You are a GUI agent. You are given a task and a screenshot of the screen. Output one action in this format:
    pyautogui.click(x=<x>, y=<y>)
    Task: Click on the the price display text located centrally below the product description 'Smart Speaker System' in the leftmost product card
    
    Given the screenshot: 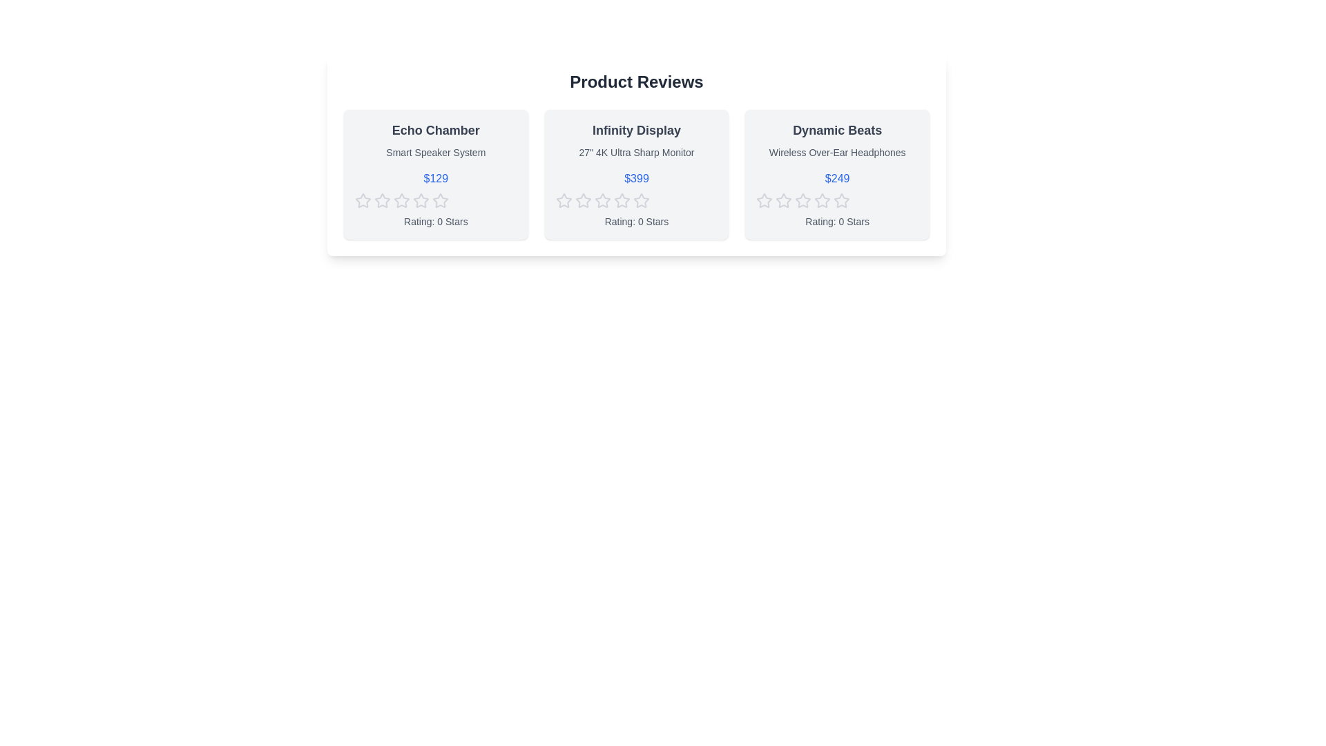 What is the action you would take?
    pyautogui.click(x=435, y=178)
    